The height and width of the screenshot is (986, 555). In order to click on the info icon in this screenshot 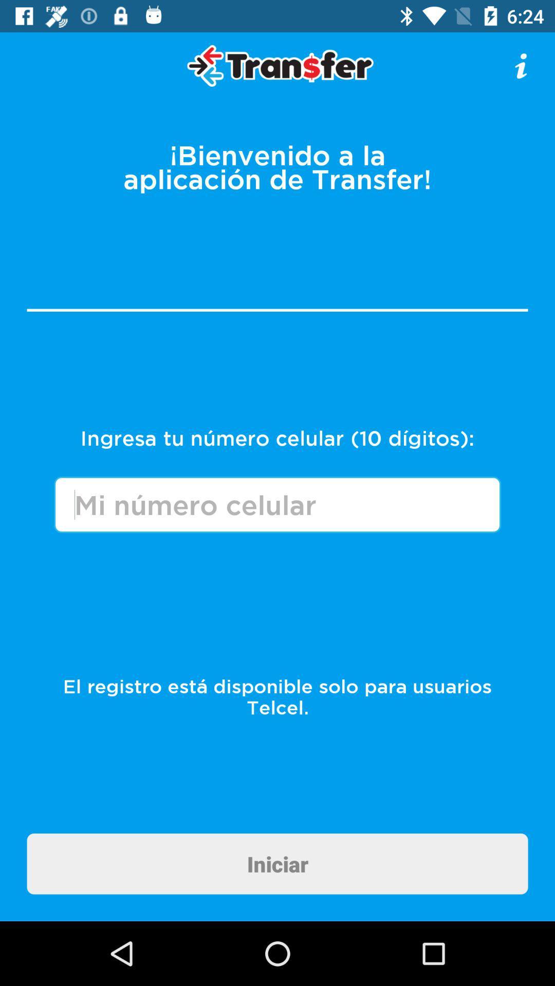, I will do `click(521, 65)`.